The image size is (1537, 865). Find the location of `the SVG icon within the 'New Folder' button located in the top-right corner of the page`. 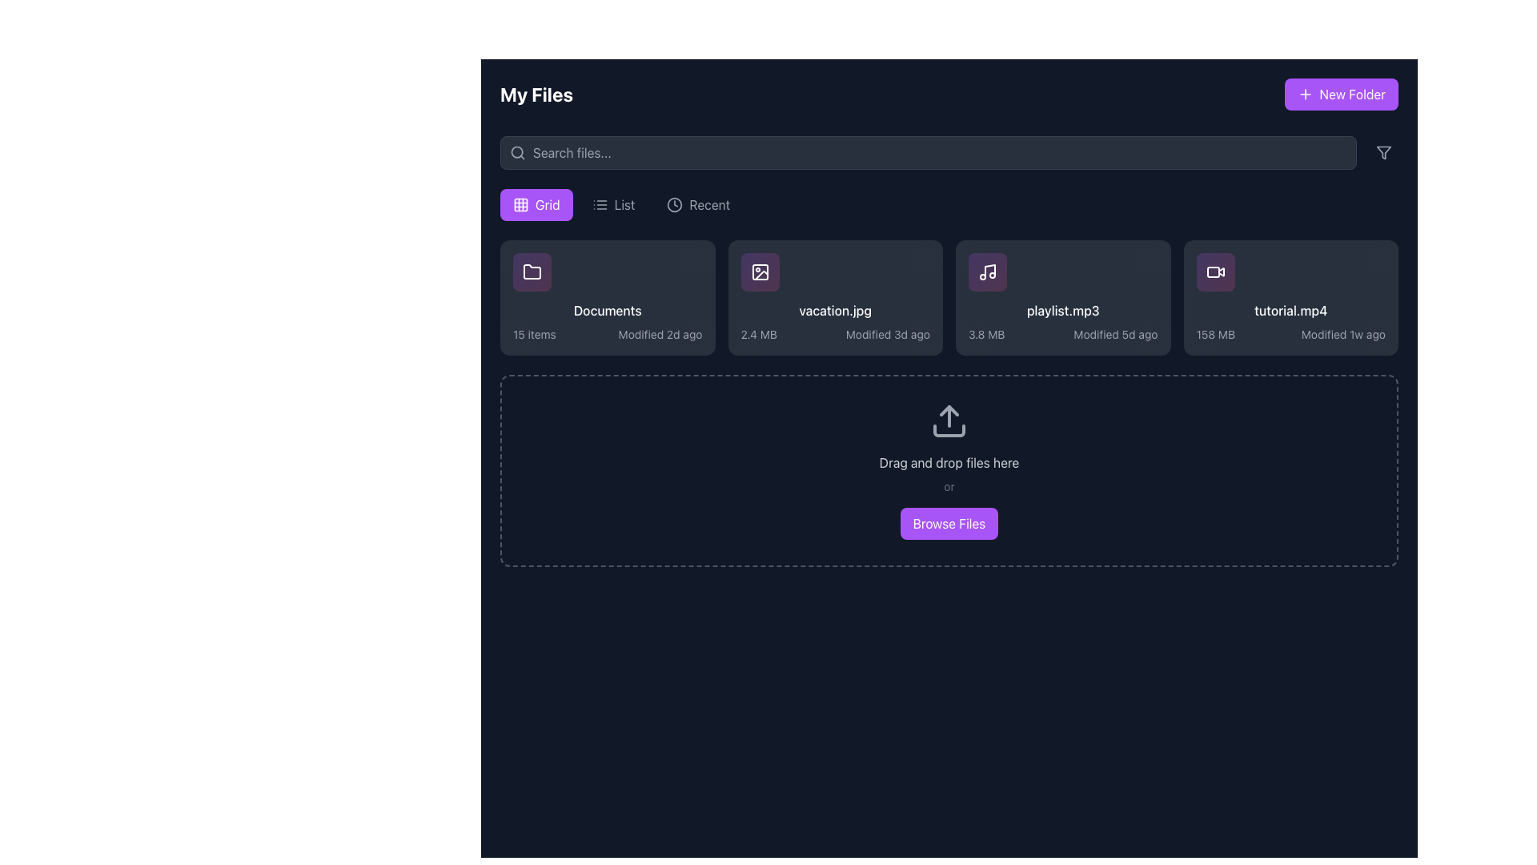

the SVG icon within the 'New Folder' button located in the top-right corner of the page is located at coordinates (1305, 95).